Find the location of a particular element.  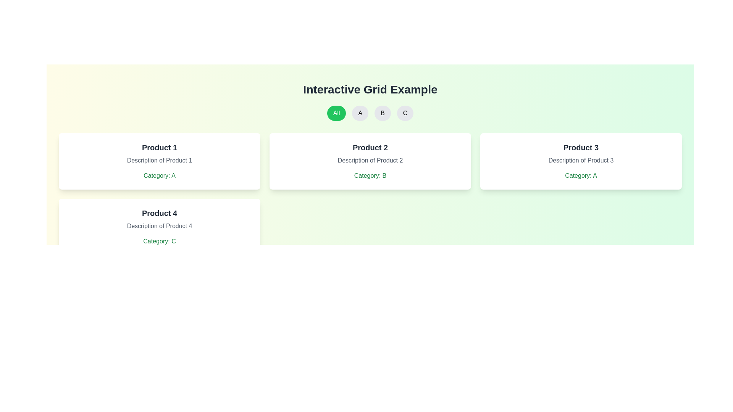

the button labeled 'All' with a green rounded background for keyboard interaction is located at coordinates (336, 113).